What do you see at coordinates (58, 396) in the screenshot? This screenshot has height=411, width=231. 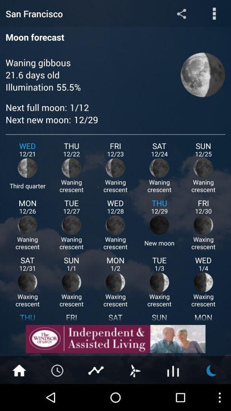 I see `the time icon` at bounding box center [58, 396].